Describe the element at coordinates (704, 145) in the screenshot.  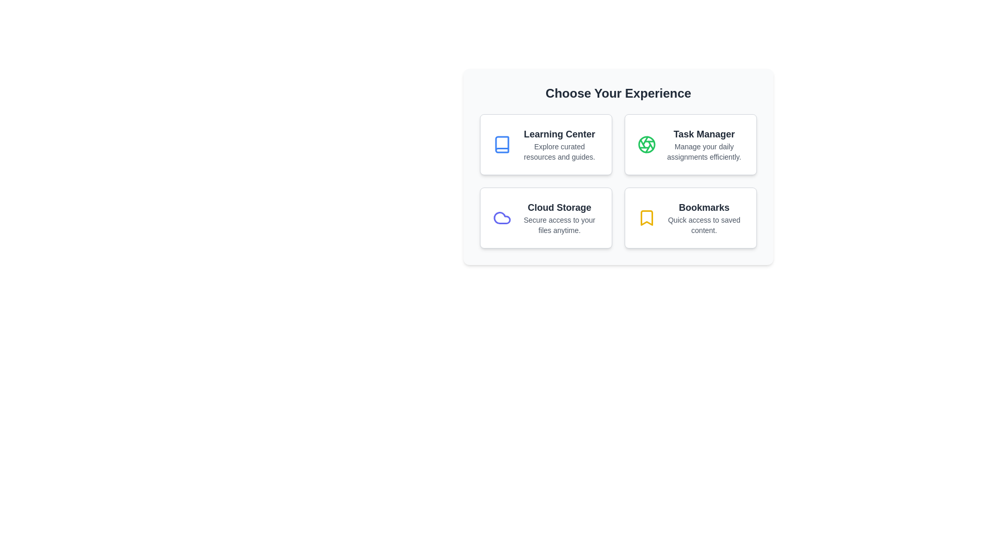
I see `text block titled 'Task Manager' which contains a bold heading and a description about managing daily assignments efficiently` at that location.